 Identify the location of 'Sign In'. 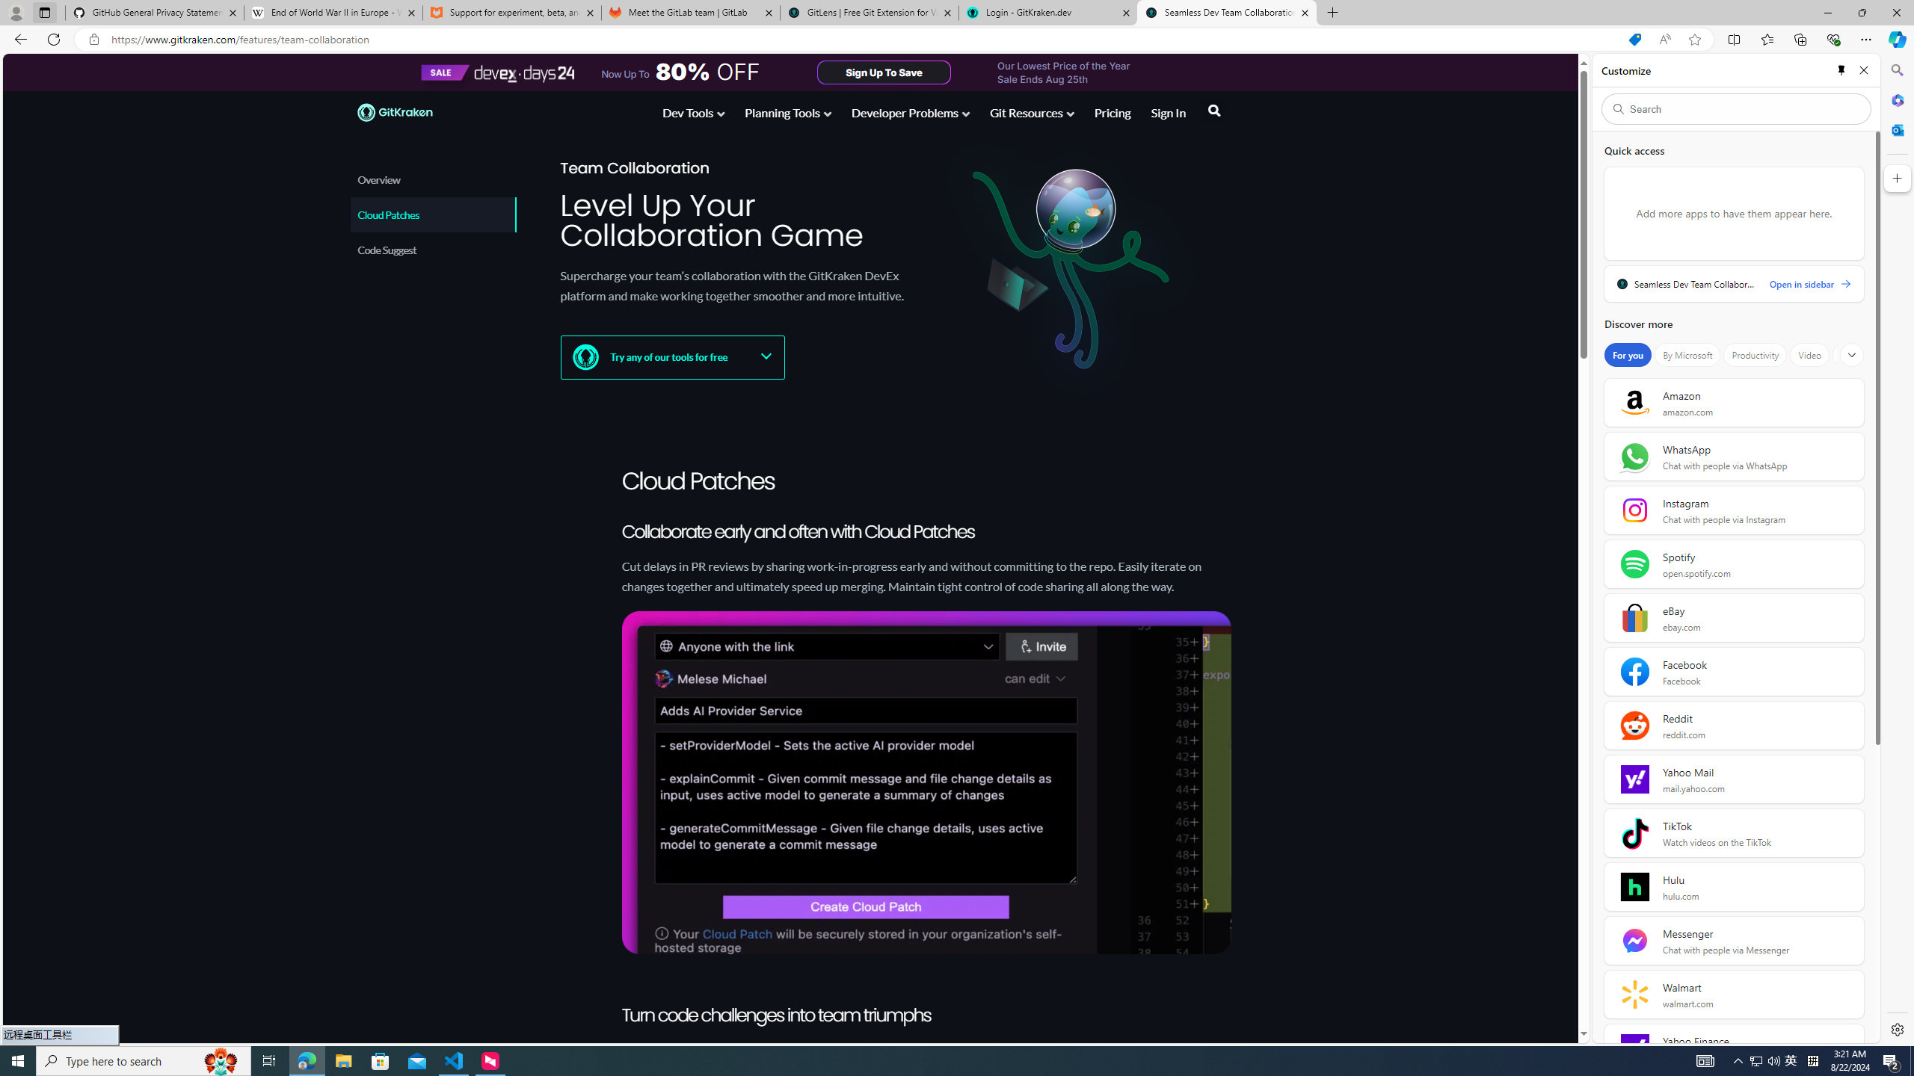
(1167, 112).